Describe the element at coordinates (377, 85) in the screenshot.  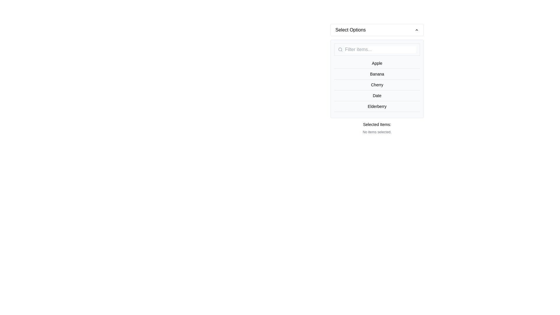
I see `the interactive list item 'Cherry' within the unordered list located in the dropdown menu, which is centrally positioned in the second visual section` at that location.